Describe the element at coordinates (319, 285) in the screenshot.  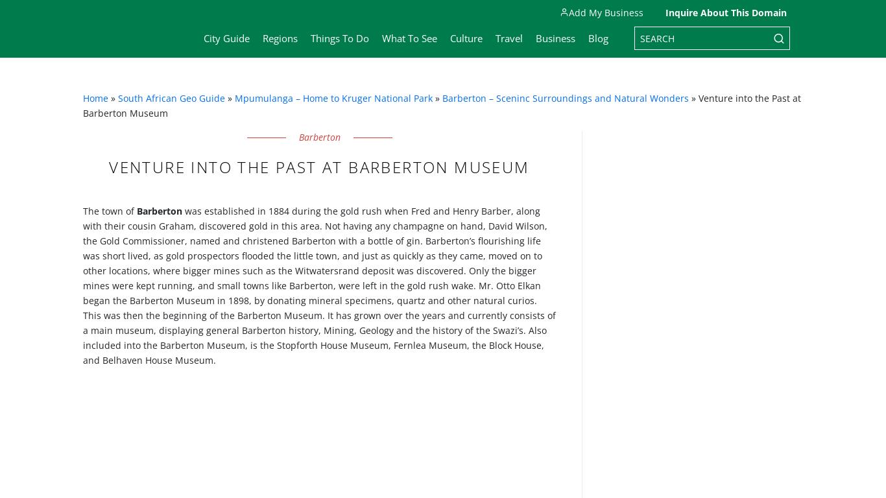
I see `'was established in 1884
during the
gold rush when Fred and Henry Barber, along with their cousin Graham, discovered
gold in
this area. Not having any champagne on hand, David Wilson, the Gold
Commissioner, named and christened Barberton with a bottle of gin.
Barberton’s flourishing life was short lived, as gold prospectors
flooded
the little town, and just as quickly as they came, moved on to other
locations, where bigger mines such as the Witwatersrand deposit was
discovered. Only the bigger mines were kept running, and small towns
like
Barberton, were left in the gold rush wake. Mr. Otto Elkan began the
Barberton Museum in 1898, by donating mineral specimens, quartz and
other
natural curios. This was then the beginning of the Barberton
Museum. It has grown over the years and currently consists of
a main museum, displaying general Barberton history, Mining, Geology and
the
history of the Swazi’s. Also included into the Barberton Museum, is
the
Stopforth House Museum, Fernlea Museum, the Block House, and Belhaven
House
Museum.'` at that location.